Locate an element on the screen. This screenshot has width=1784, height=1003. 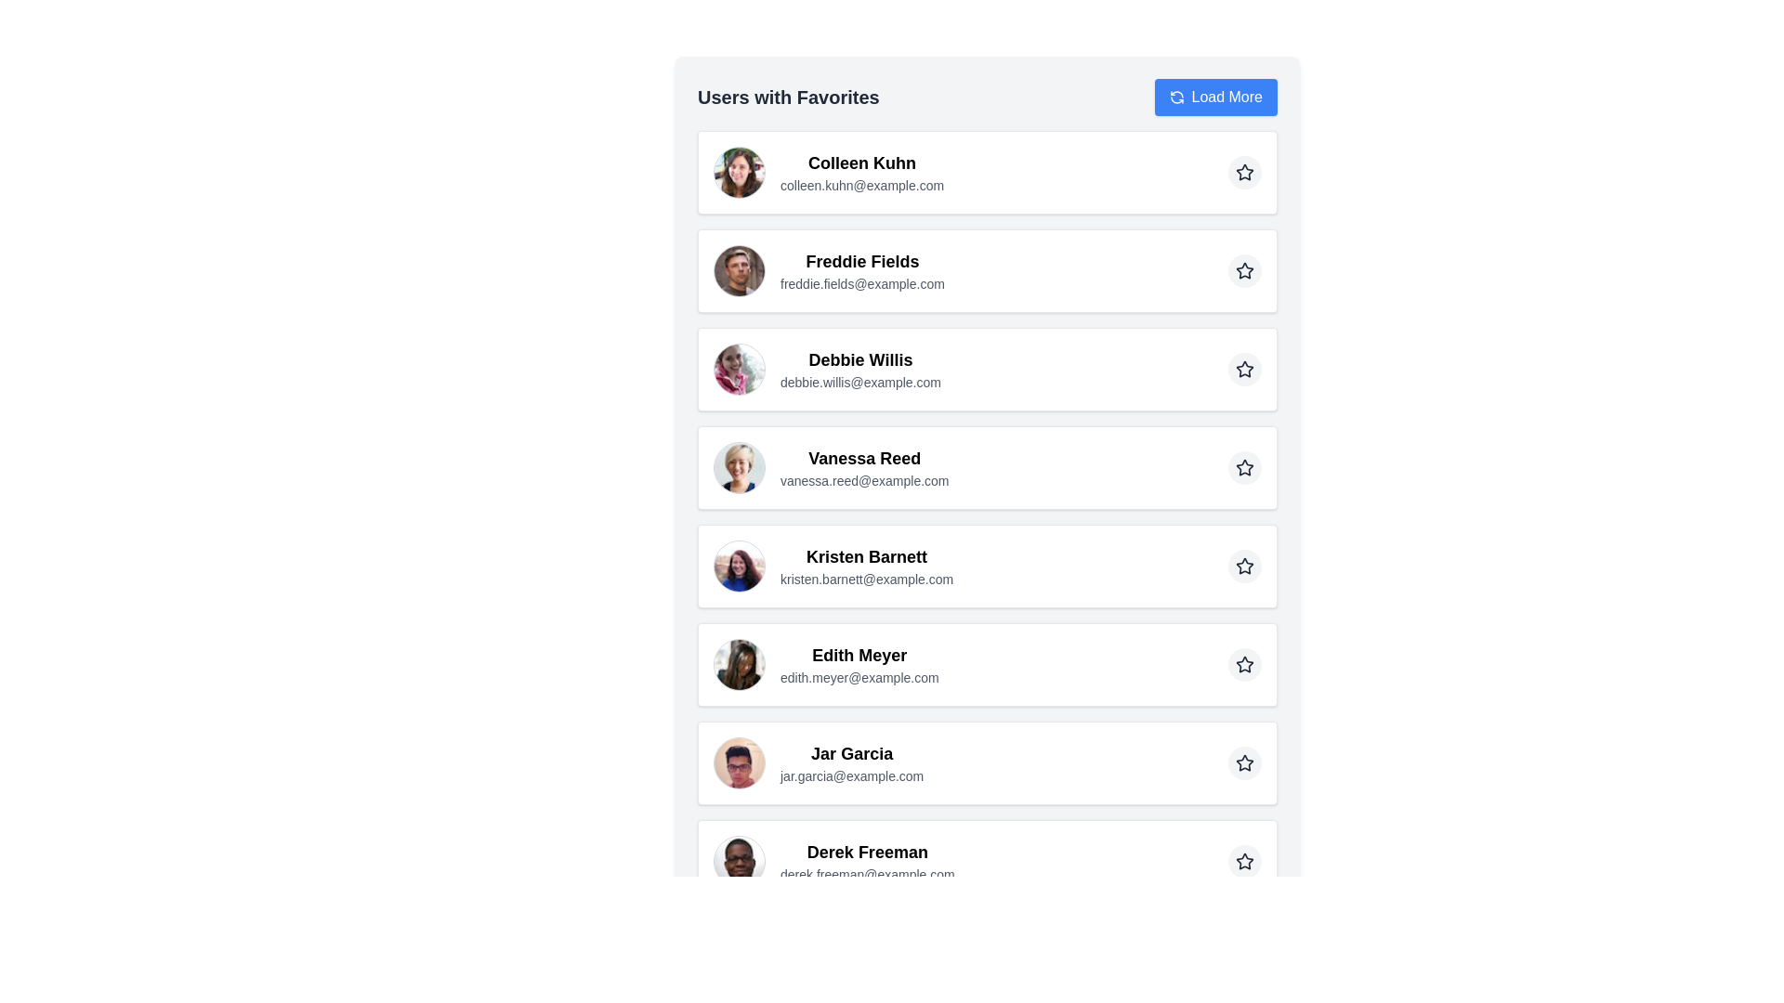
the user name 'Colleen Kuhn' displayed in bold at the top of the user profile item, which is a circular avatar followed by the user's email is located at coordinates (828, 172).